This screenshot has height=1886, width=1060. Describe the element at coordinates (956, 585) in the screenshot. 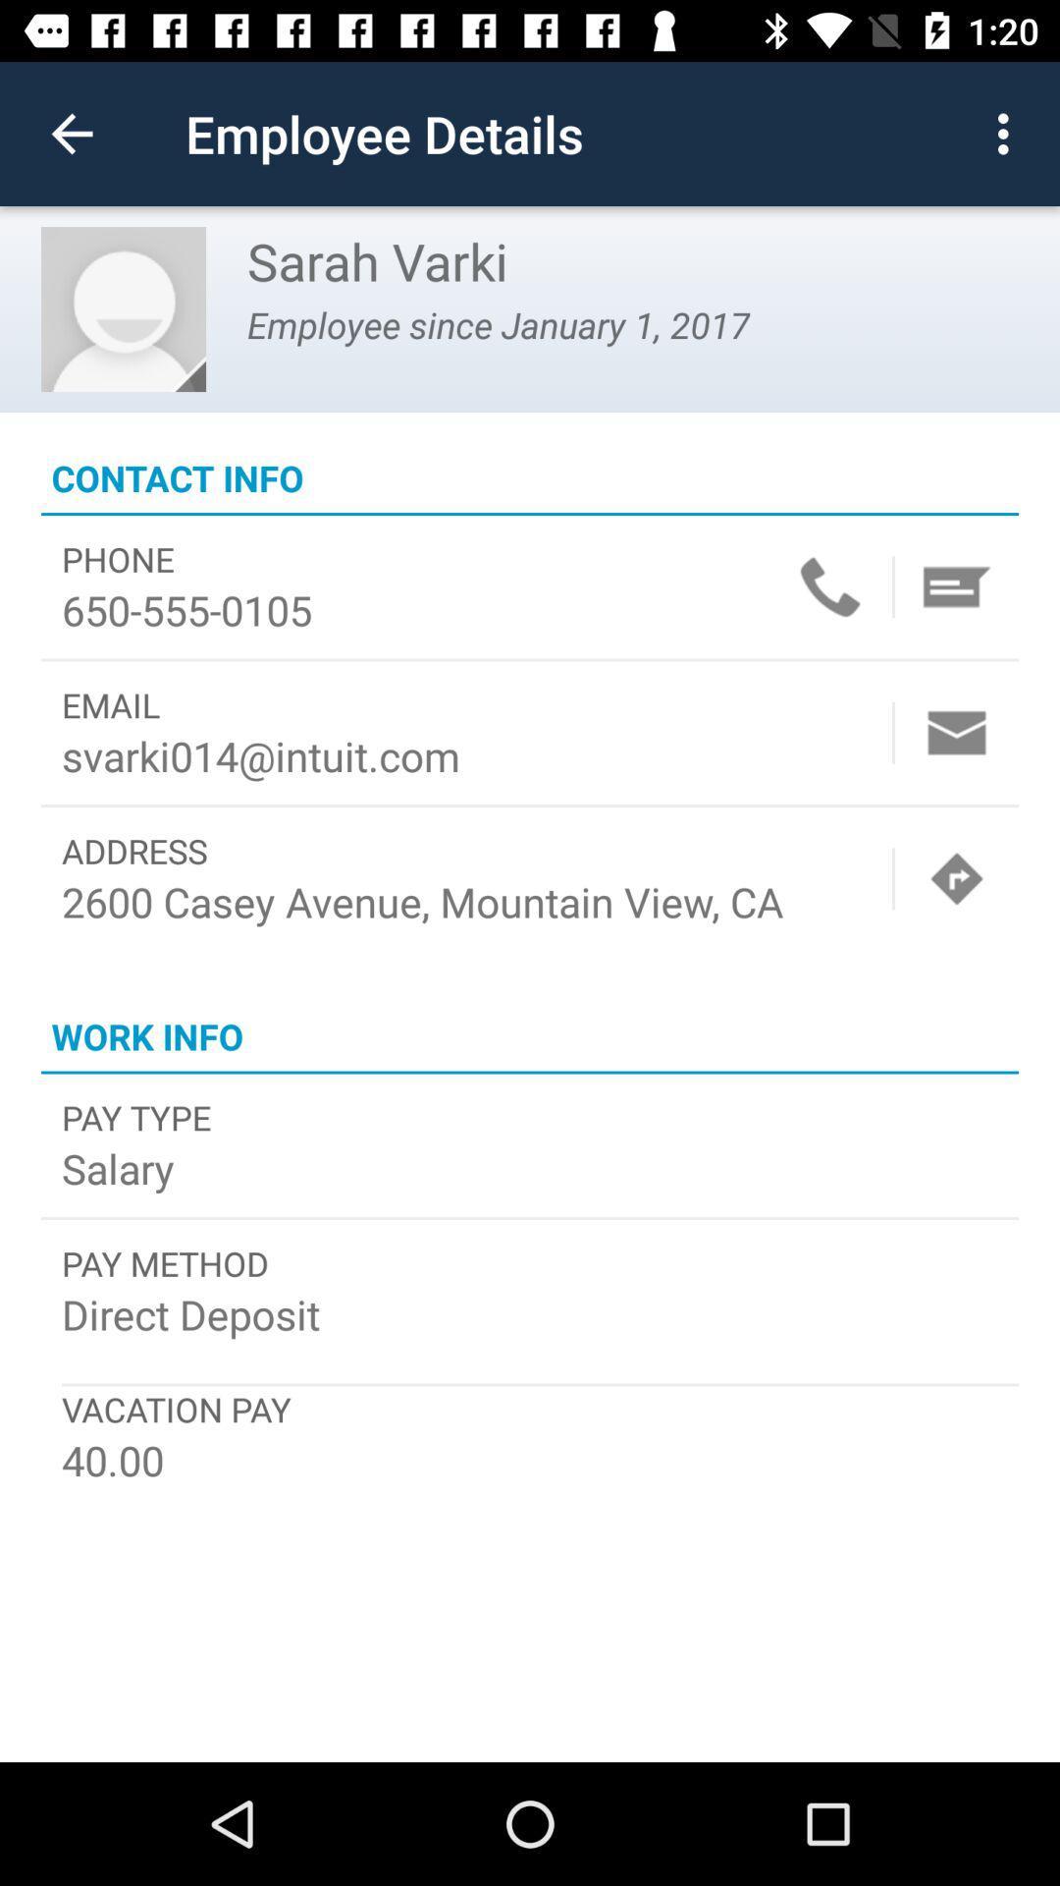

I see `masseage` at that location.